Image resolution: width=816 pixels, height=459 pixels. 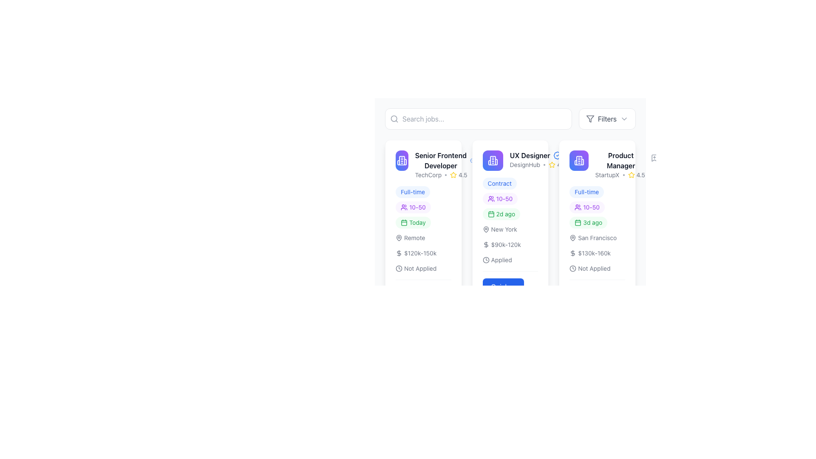 I want to click on the Icon graphical element that represents the main content area of a calendar, indicating a specific day or time, so click(x=403, y=222).